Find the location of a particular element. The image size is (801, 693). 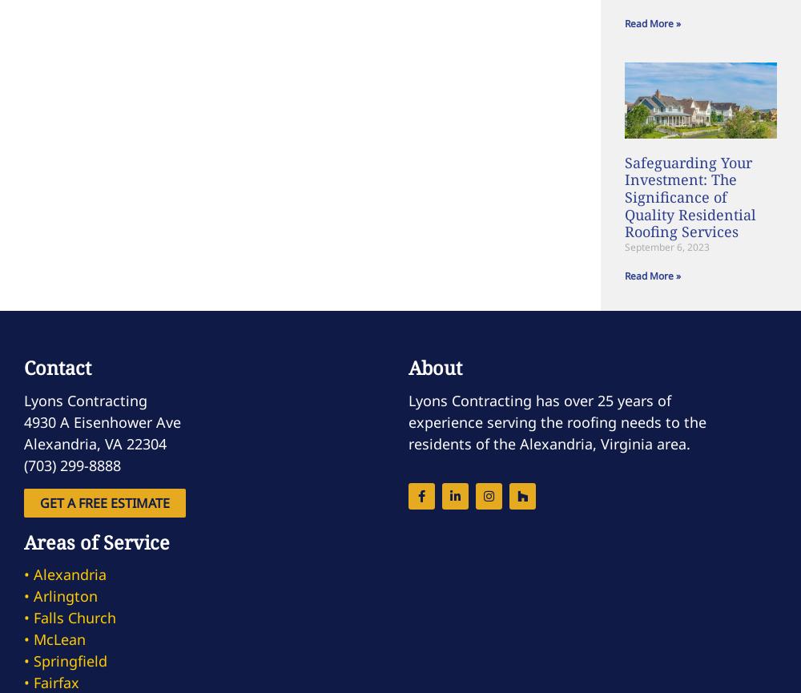

'Alexandria, VA 22304' is located at coordinates (95, 441).